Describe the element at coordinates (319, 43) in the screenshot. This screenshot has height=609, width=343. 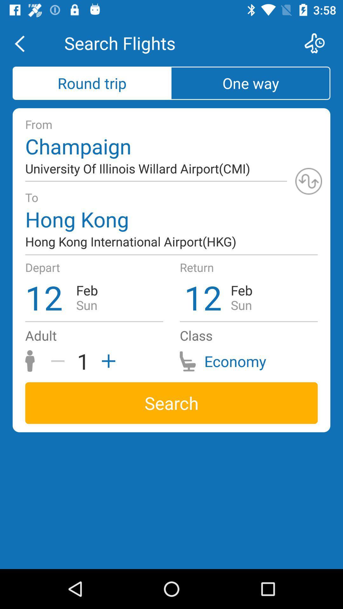
I see `to check current itineraries` at that location.